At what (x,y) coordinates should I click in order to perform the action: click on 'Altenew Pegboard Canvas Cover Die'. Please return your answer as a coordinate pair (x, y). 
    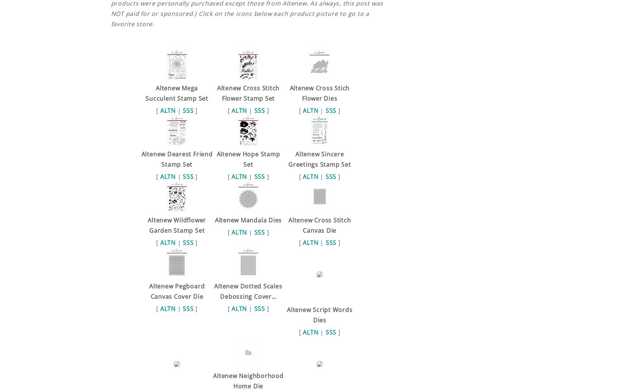
    Looking at the image, I should click on (176, 290).